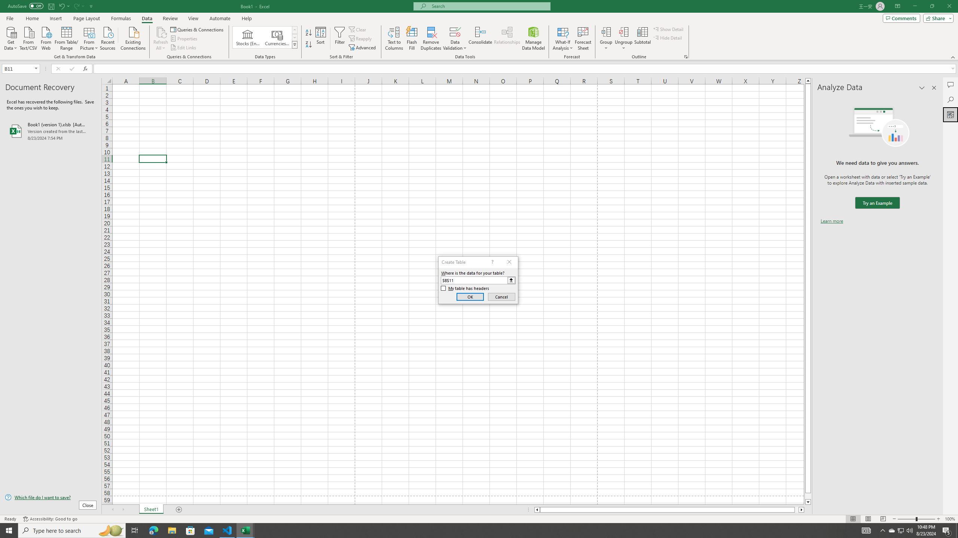  I want to click on 'Text to Columns...', so click(394, 38).